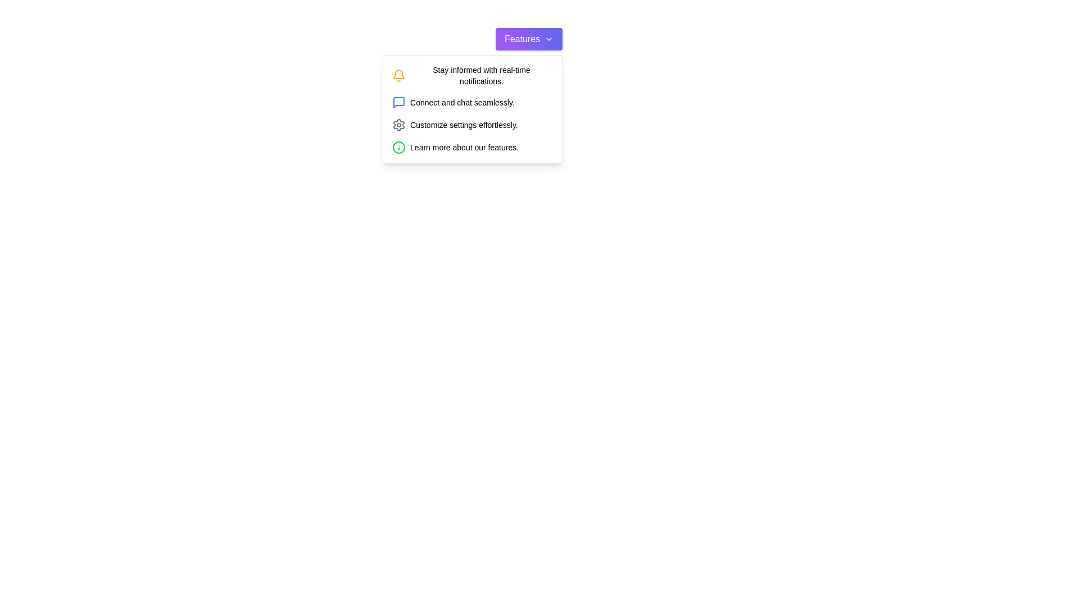  I want to click on the circular information icon, which is green and located next to the text 'Learn more about our features.' at the bottom of the list, so click(399, 146).